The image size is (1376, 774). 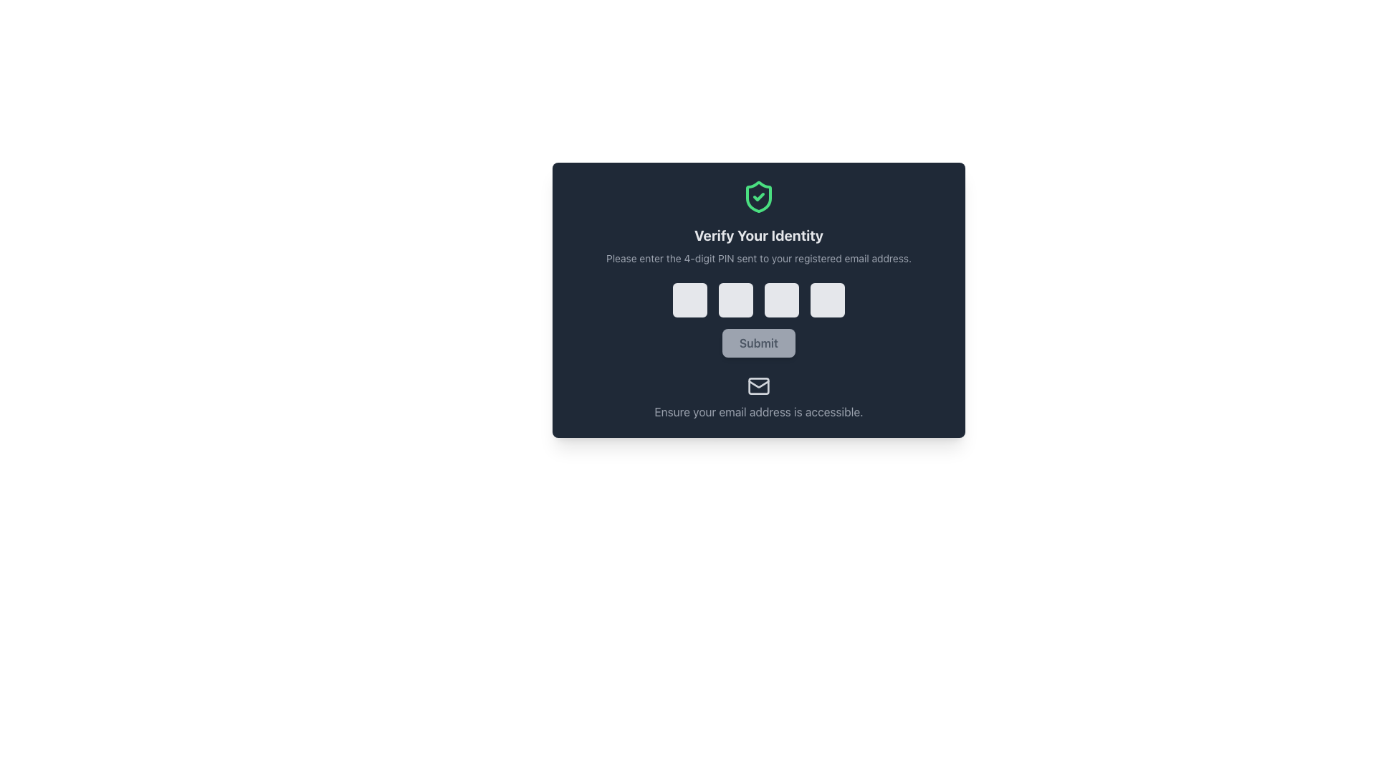 I want to click on the envelope icon, which is styled in gray and represents email actions, located centrally in the bottom part of the form panel, so click(x=758, y=386).